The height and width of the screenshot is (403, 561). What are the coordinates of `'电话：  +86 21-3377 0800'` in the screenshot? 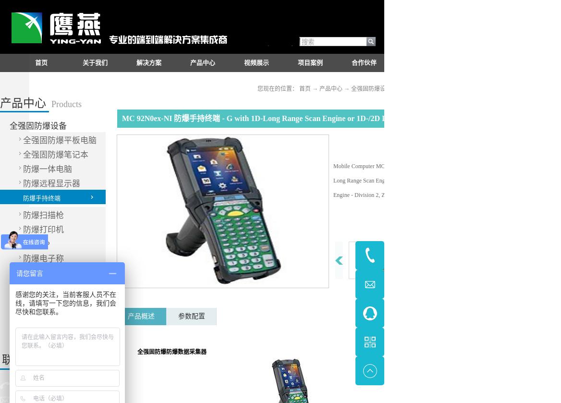 It's located at (49, 385).